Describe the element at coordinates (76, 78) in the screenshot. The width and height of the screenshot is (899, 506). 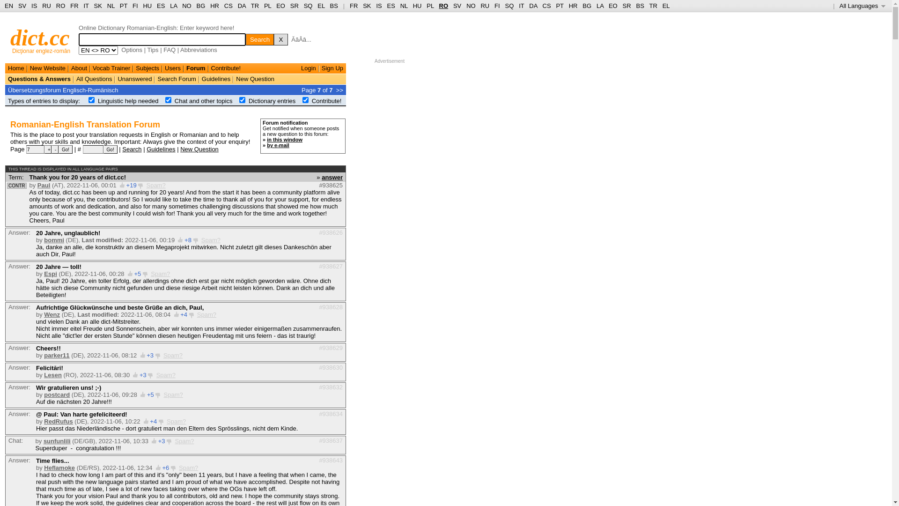
I see `'All Questions'` at that location.